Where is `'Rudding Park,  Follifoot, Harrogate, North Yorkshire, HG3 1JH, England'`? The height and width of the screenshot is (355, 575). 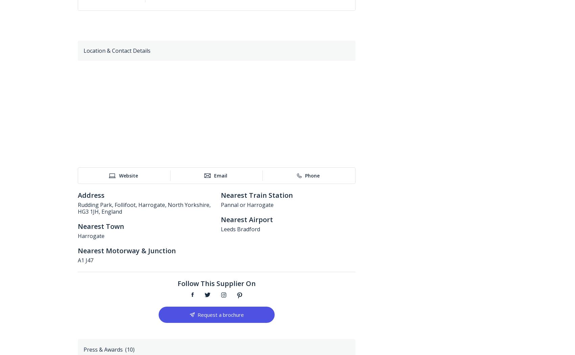 'Rudding Park,  Follifoot, Harrogate, North Yorkshire, HG3 1JH, England' is located at coordinates (144, 208).